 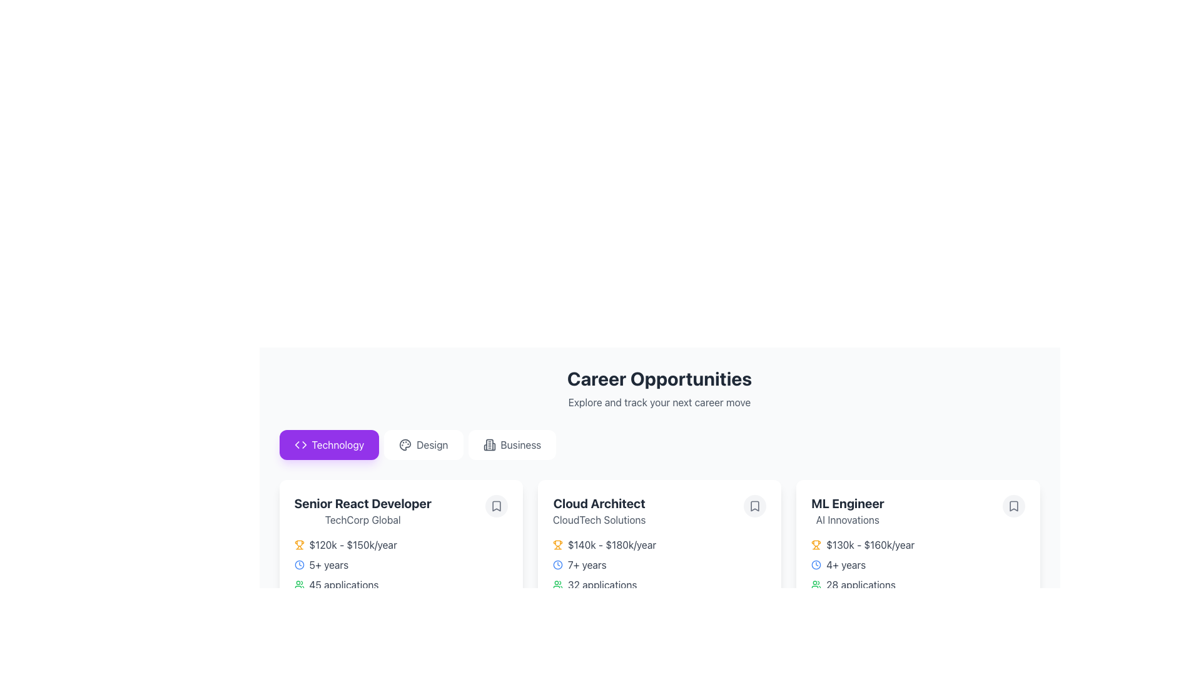 What do you see at coordinates (1013, 506) in the screenshot?
I see `the small, rounded button with a faint gray background and a hollow bookmark icon to bookmark the job listing for 'ML Engineer AI Innovations'` at bounding box center [1013, 506].